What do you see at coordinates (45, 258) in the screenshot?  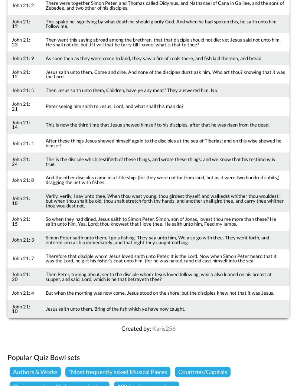 I see `'Therefore that disciple whom Jesus loved saith unto Peter, It is the Lord. Now when Simon Peter heard that it was the Lord, he girt his fisher's coat unto him, (for he was naked,) and did cast himself into the sea.'` at bounding box center [45, 258].